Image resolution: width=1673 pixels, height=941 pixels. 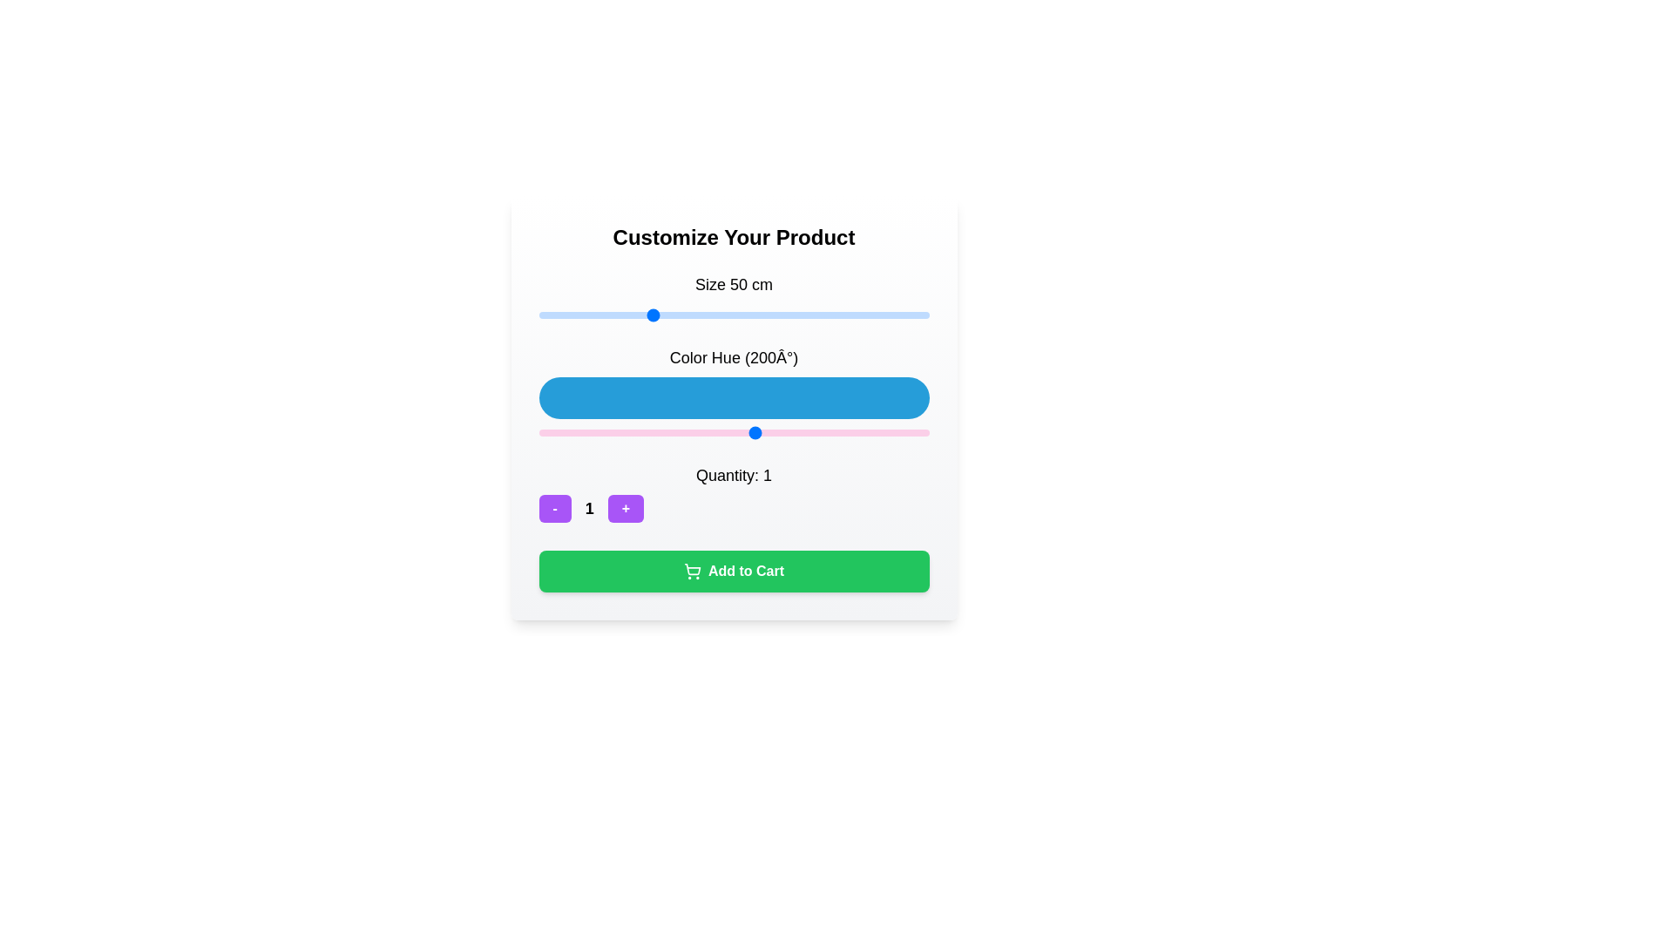 I want to click on the 'Color Hue' range slider, so click(x=734, y=408).